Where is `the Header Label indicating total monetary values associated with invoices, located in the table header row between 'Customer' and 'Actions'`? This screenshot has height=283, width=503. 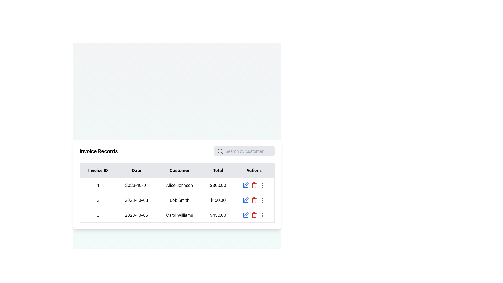 the Header Label indicating total monetary values associated with invoices, located in the table header row between 'Customer' and 'Actions' is located at coordinates (218, 170).